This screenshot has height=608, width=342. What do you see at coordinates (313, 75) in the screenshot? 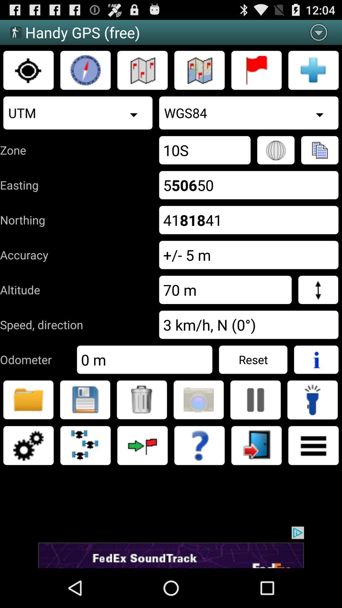
I see `the add icon` at bounding box center [313, 75].